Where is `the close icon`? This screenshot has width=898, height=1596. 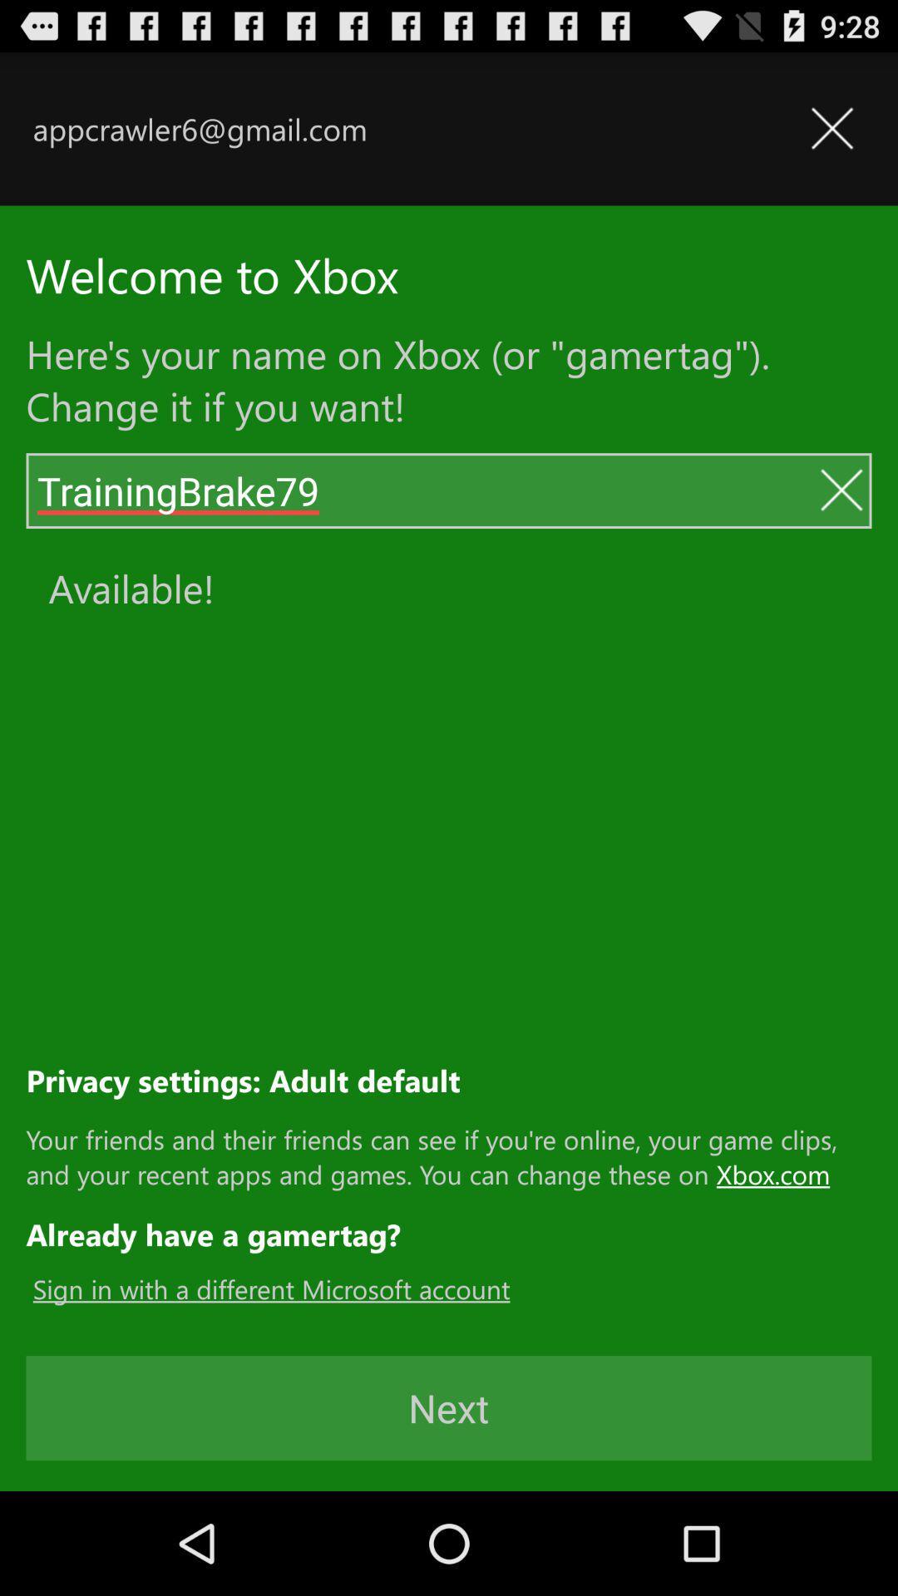 the close icon is located at coordinates (831, 138).